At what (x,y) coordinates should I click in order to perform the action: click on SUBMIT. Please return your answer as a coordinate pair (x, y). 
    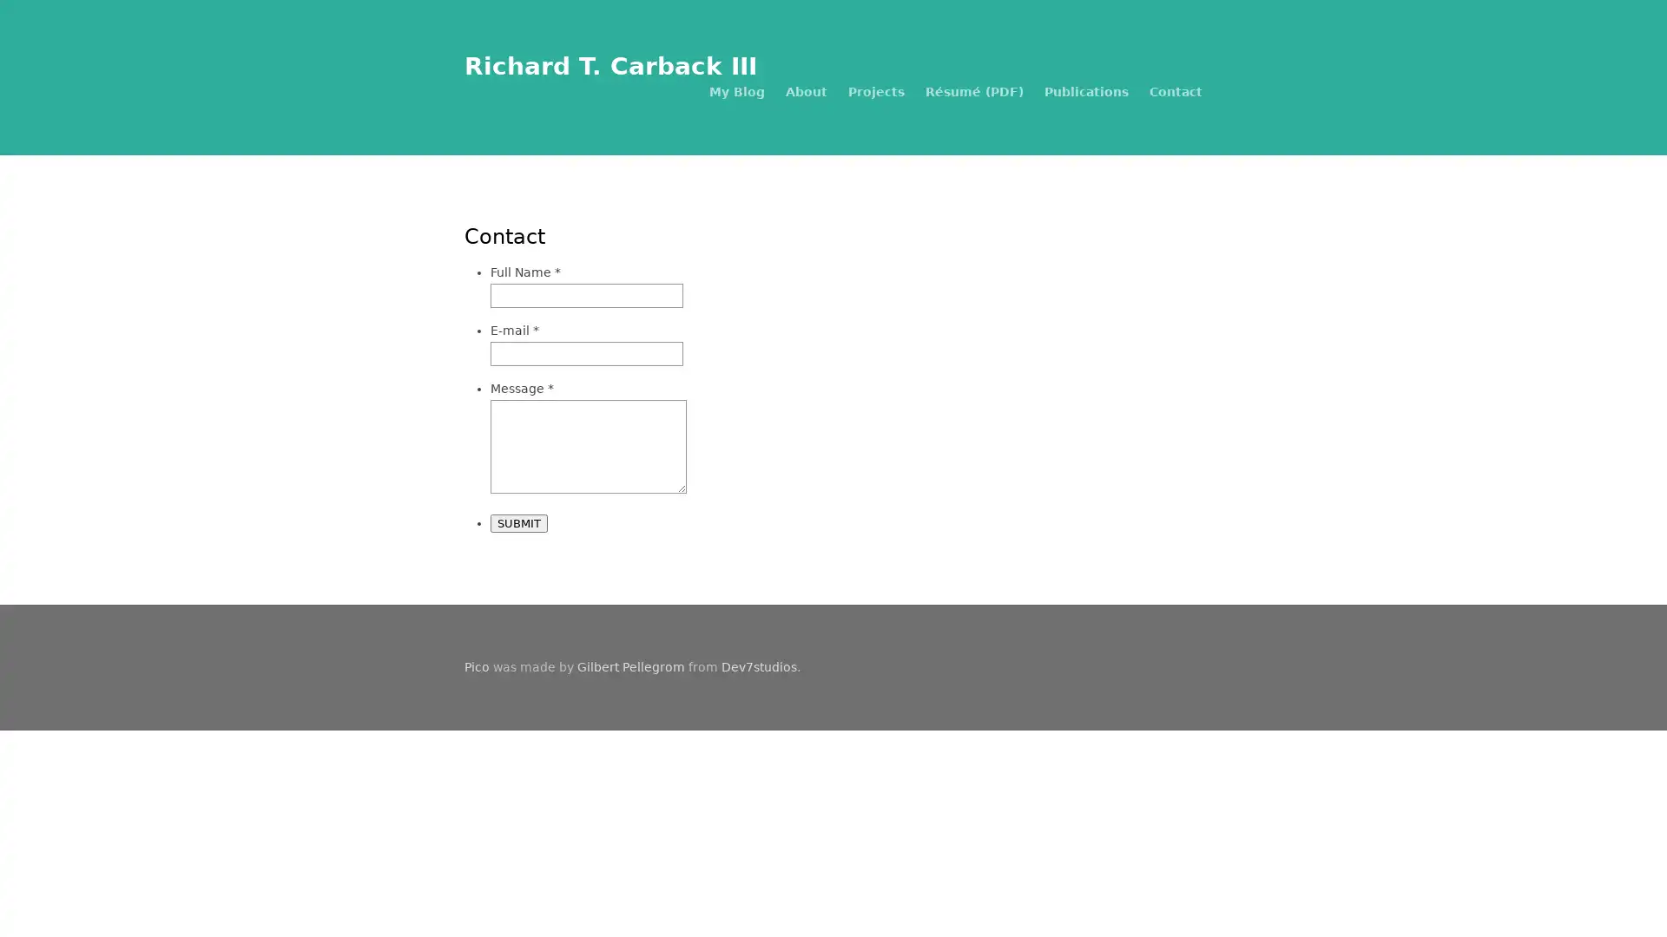
    Looking at the image, I should click on (518, 522).